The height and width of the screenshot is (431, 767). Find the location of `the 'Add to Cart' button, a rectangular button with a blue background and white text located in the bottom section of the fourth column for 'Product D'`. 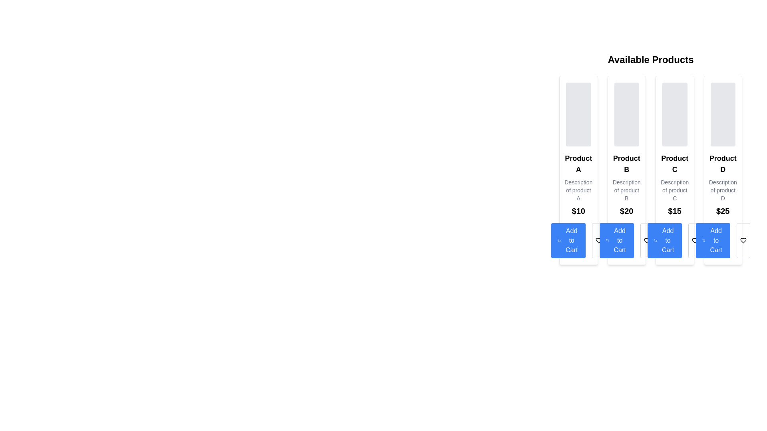

the 'Add to Cart' button, a rectangular button with a blue background and white text located in the bottom section of the fourth column for 'Product D' is located at coordinates (713, 240).